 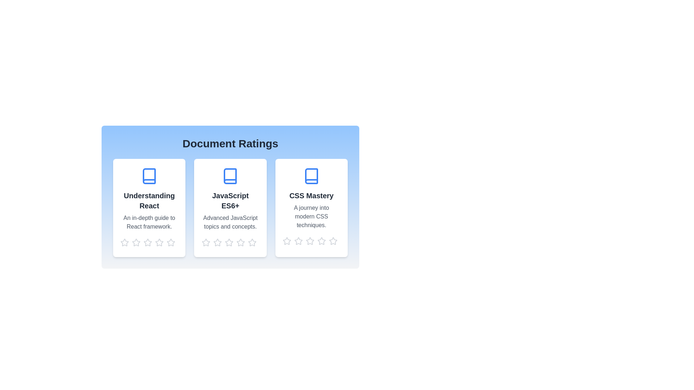 What do you see at coordinates (149, 176) in the screenshot?
I see `the document icon for the document titled Understanding React` at bounding box center [149, 176].